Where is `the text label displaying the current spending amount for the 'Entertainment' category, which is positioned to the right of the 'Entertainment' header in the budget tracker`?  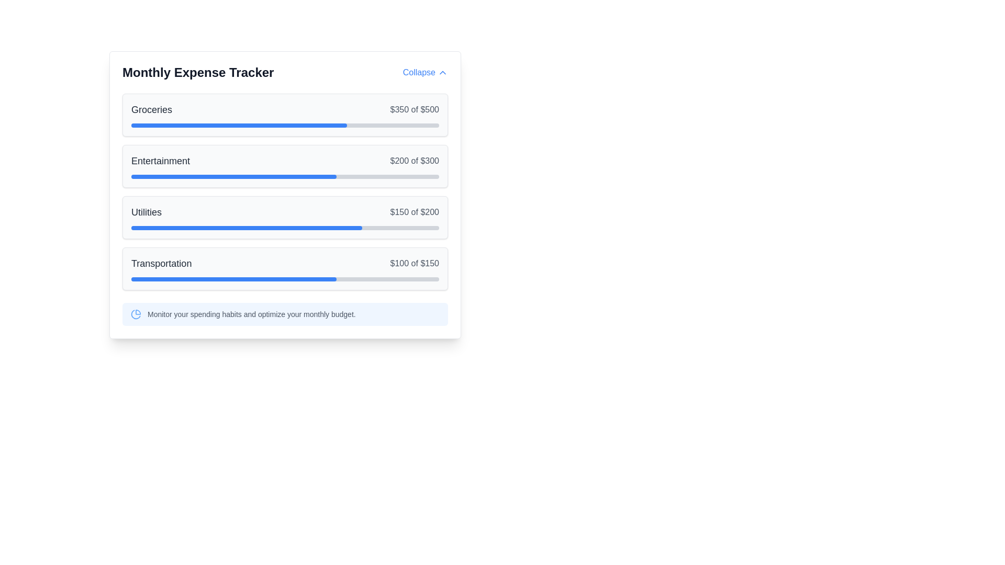 the text label displaying the current spending amount for the 'Entertainment' category, which is positioned to the right of the 'Entertainment' header in the budget tracker is located at coordinates (414, 161).